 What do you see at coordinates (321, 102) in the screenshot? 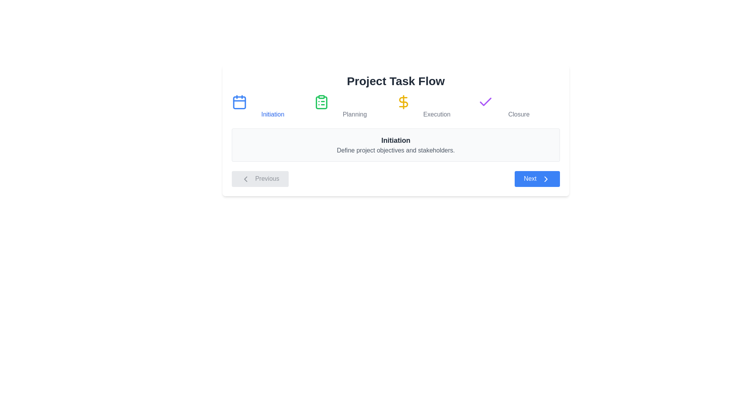
I see `the green clipboard icon that resembles a checklist, which is the second icon in a horizontal row at the top-center of the interface` at bounding box center [321, 102].